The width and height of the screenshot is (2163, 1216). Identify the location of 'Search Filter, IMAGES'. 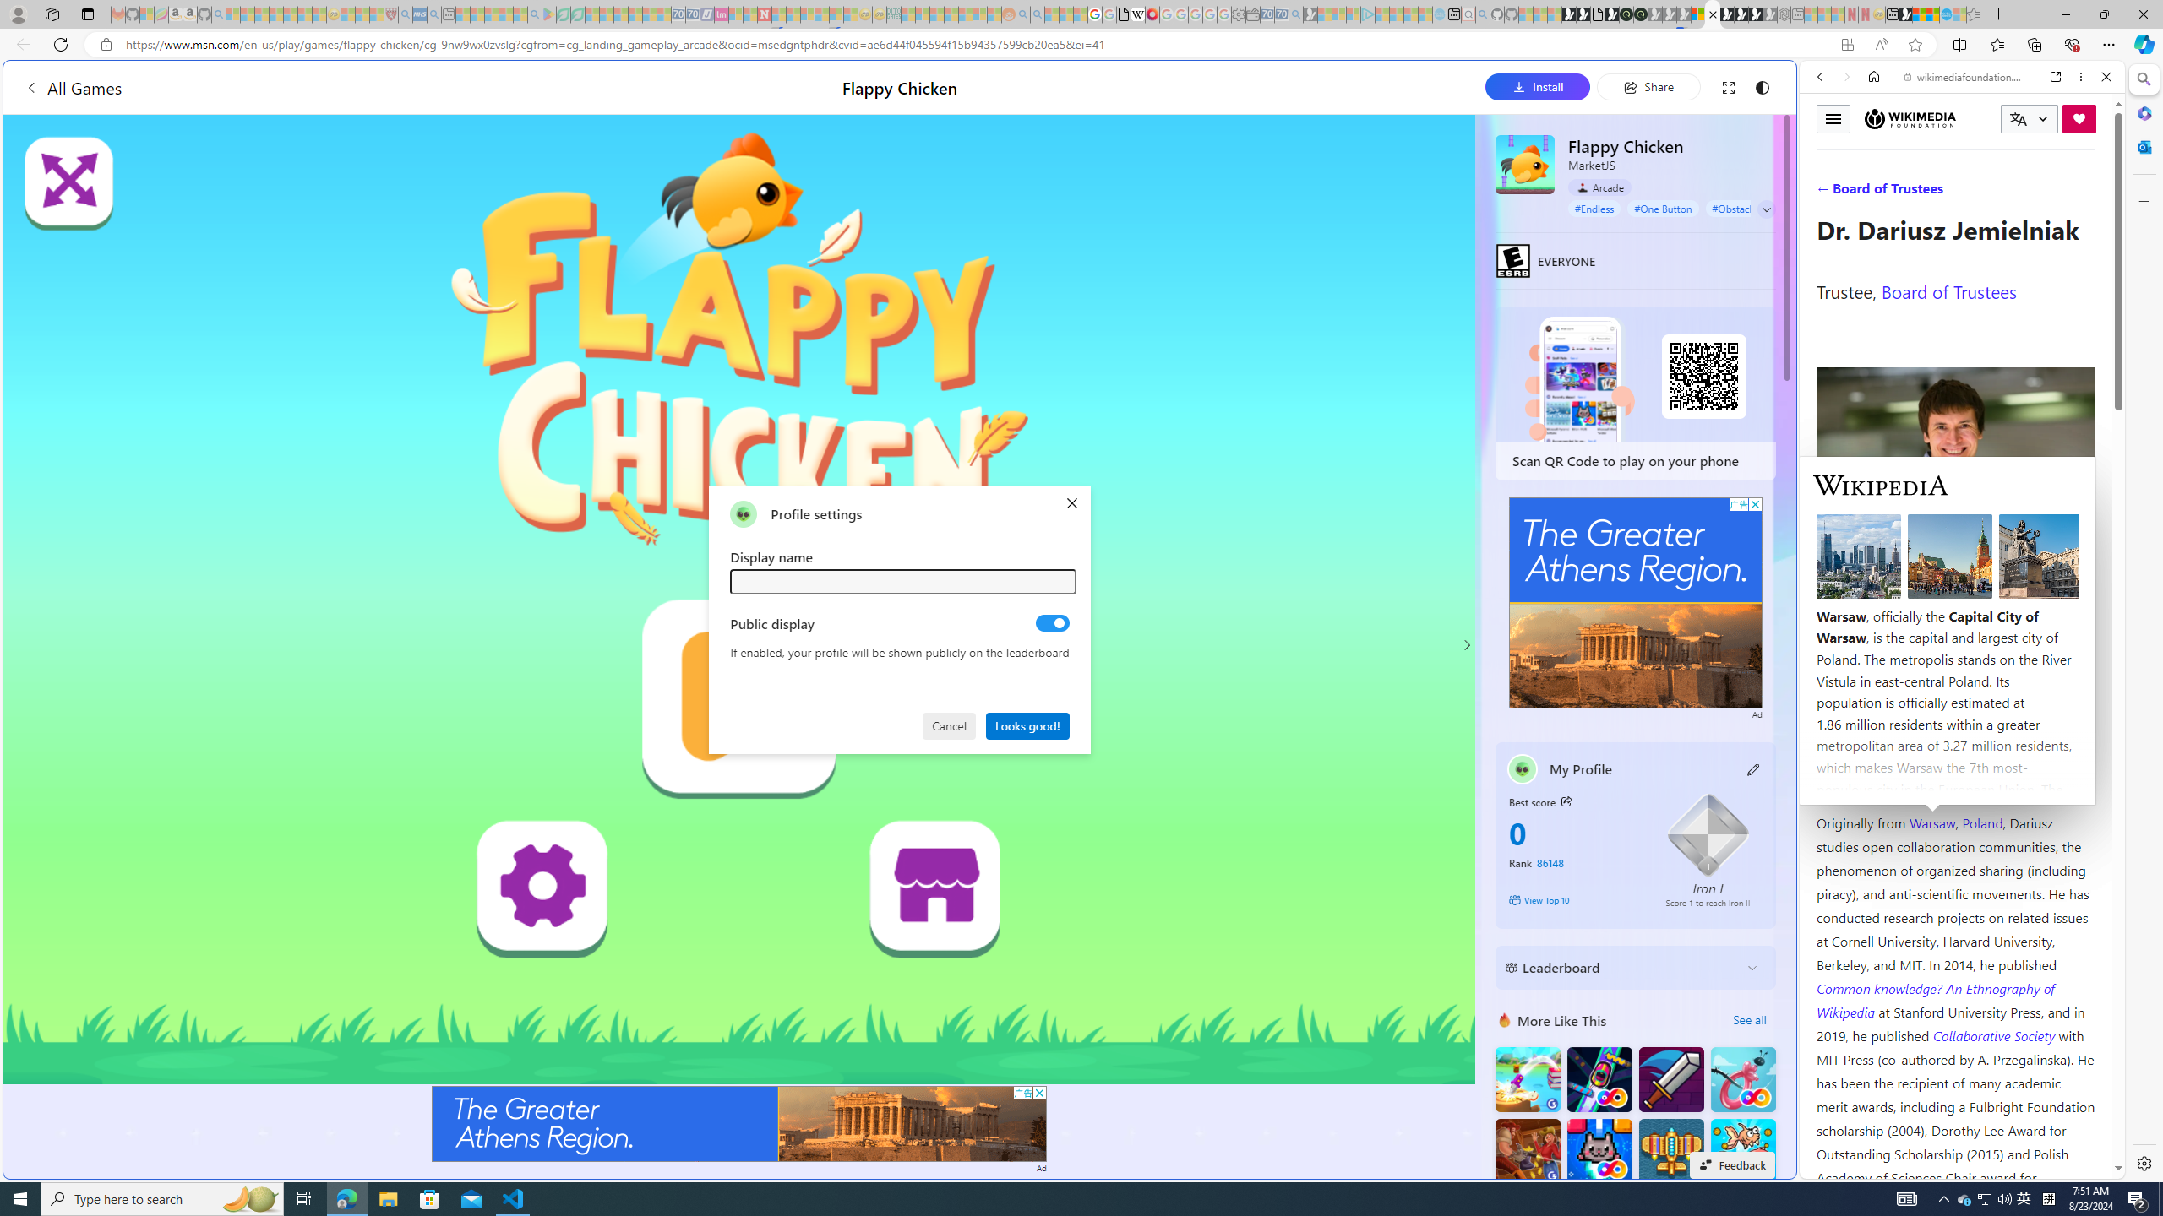
(1875, 192).